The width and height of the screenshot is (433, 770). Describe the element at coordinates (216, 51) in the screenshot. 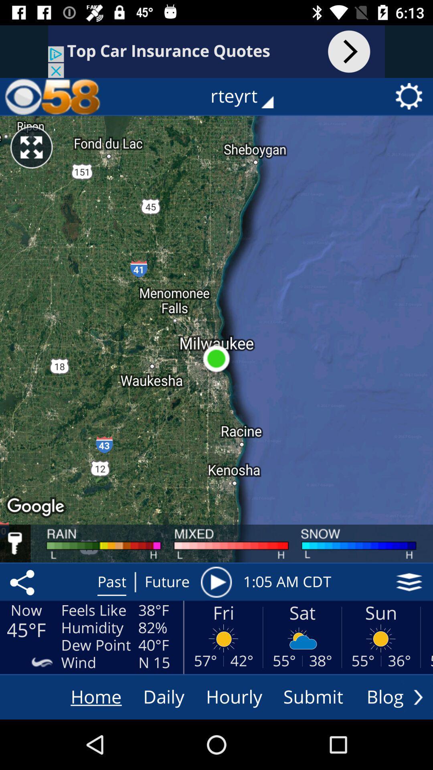

I see `visit website` at that location.